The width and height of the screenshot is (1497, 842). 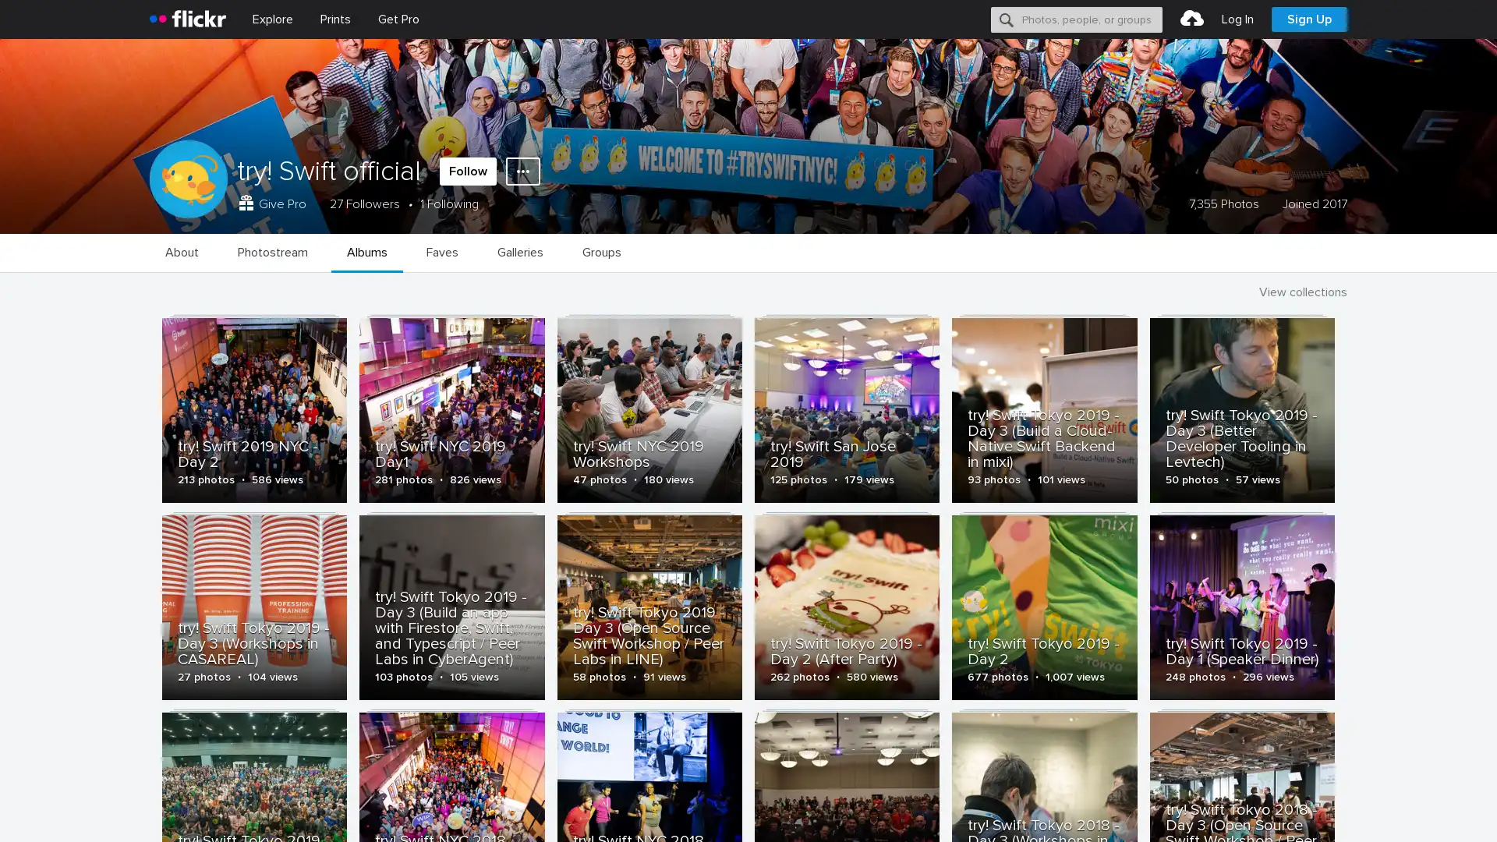 I want to click on Search, so click(x=1007, y=19).